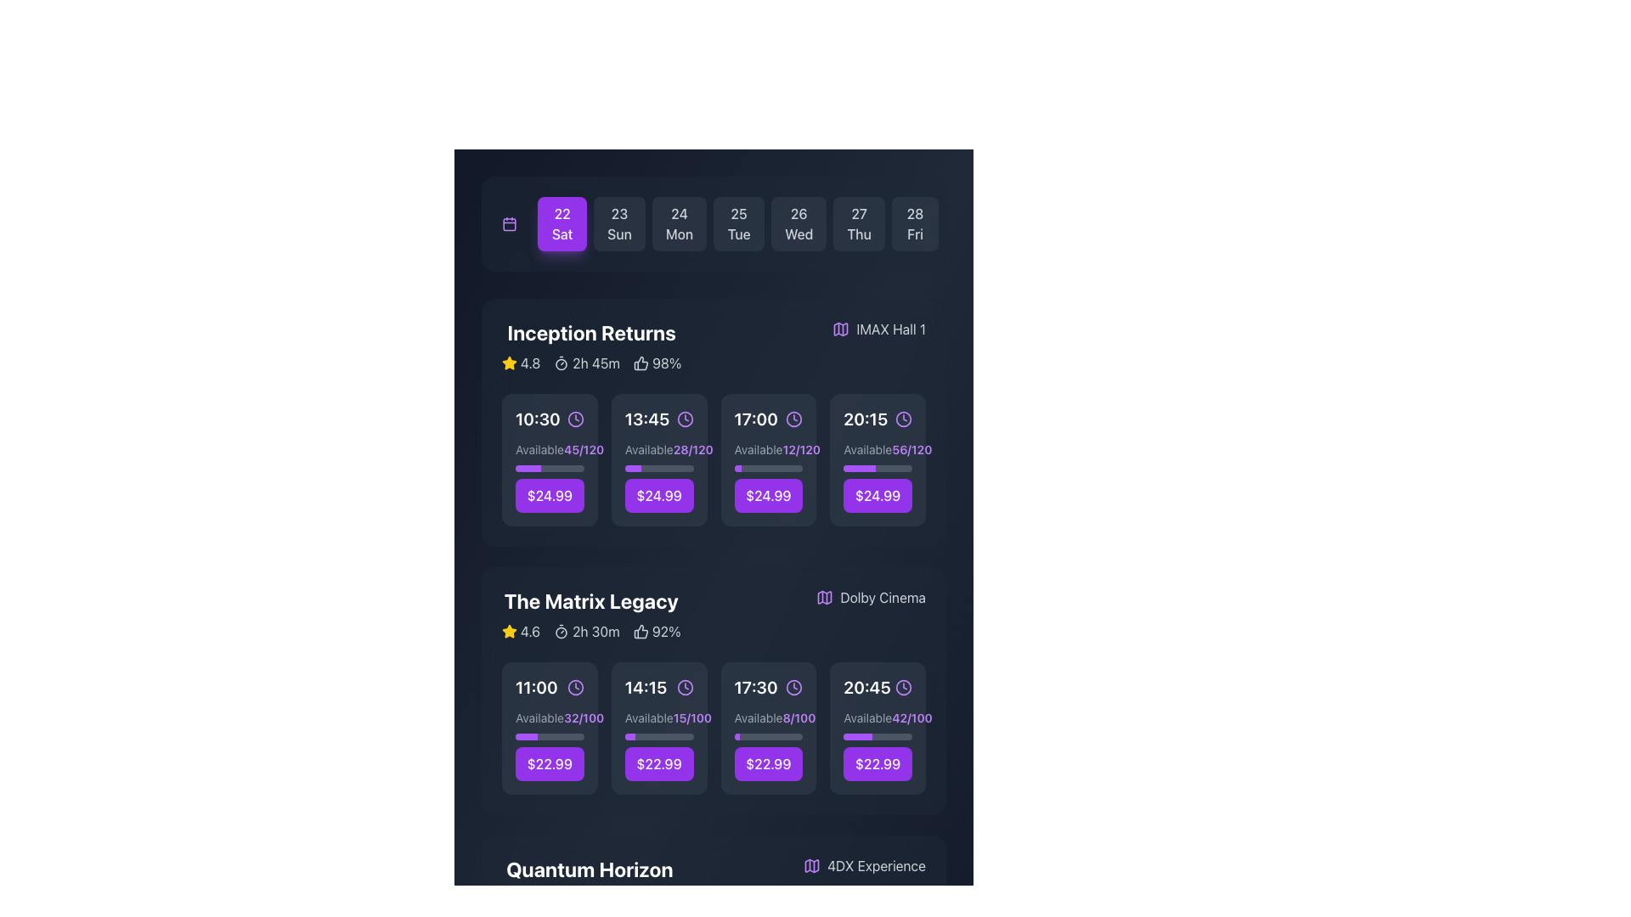 The height and width of the screenshot is (917, 1631). What do you see at coordinates (658, 735) in the screenshot?
I see `the progress indicator for the available seats in 'The Matrix Legacy' section under the time slot '14:15', located above the price '$22.99' and below the text 'Available15/100'` at bounding box center [658, 735].